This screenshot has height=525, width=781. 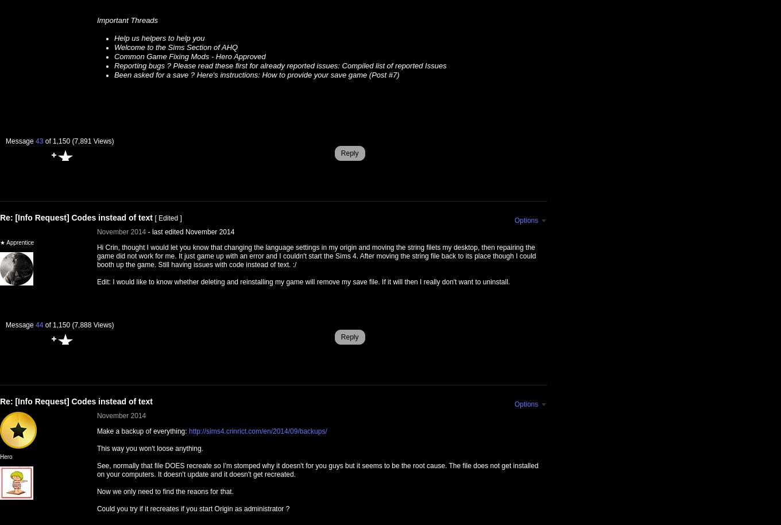 I want to click on 'Compiled list of reported Issues', so click(x=342, y=65).